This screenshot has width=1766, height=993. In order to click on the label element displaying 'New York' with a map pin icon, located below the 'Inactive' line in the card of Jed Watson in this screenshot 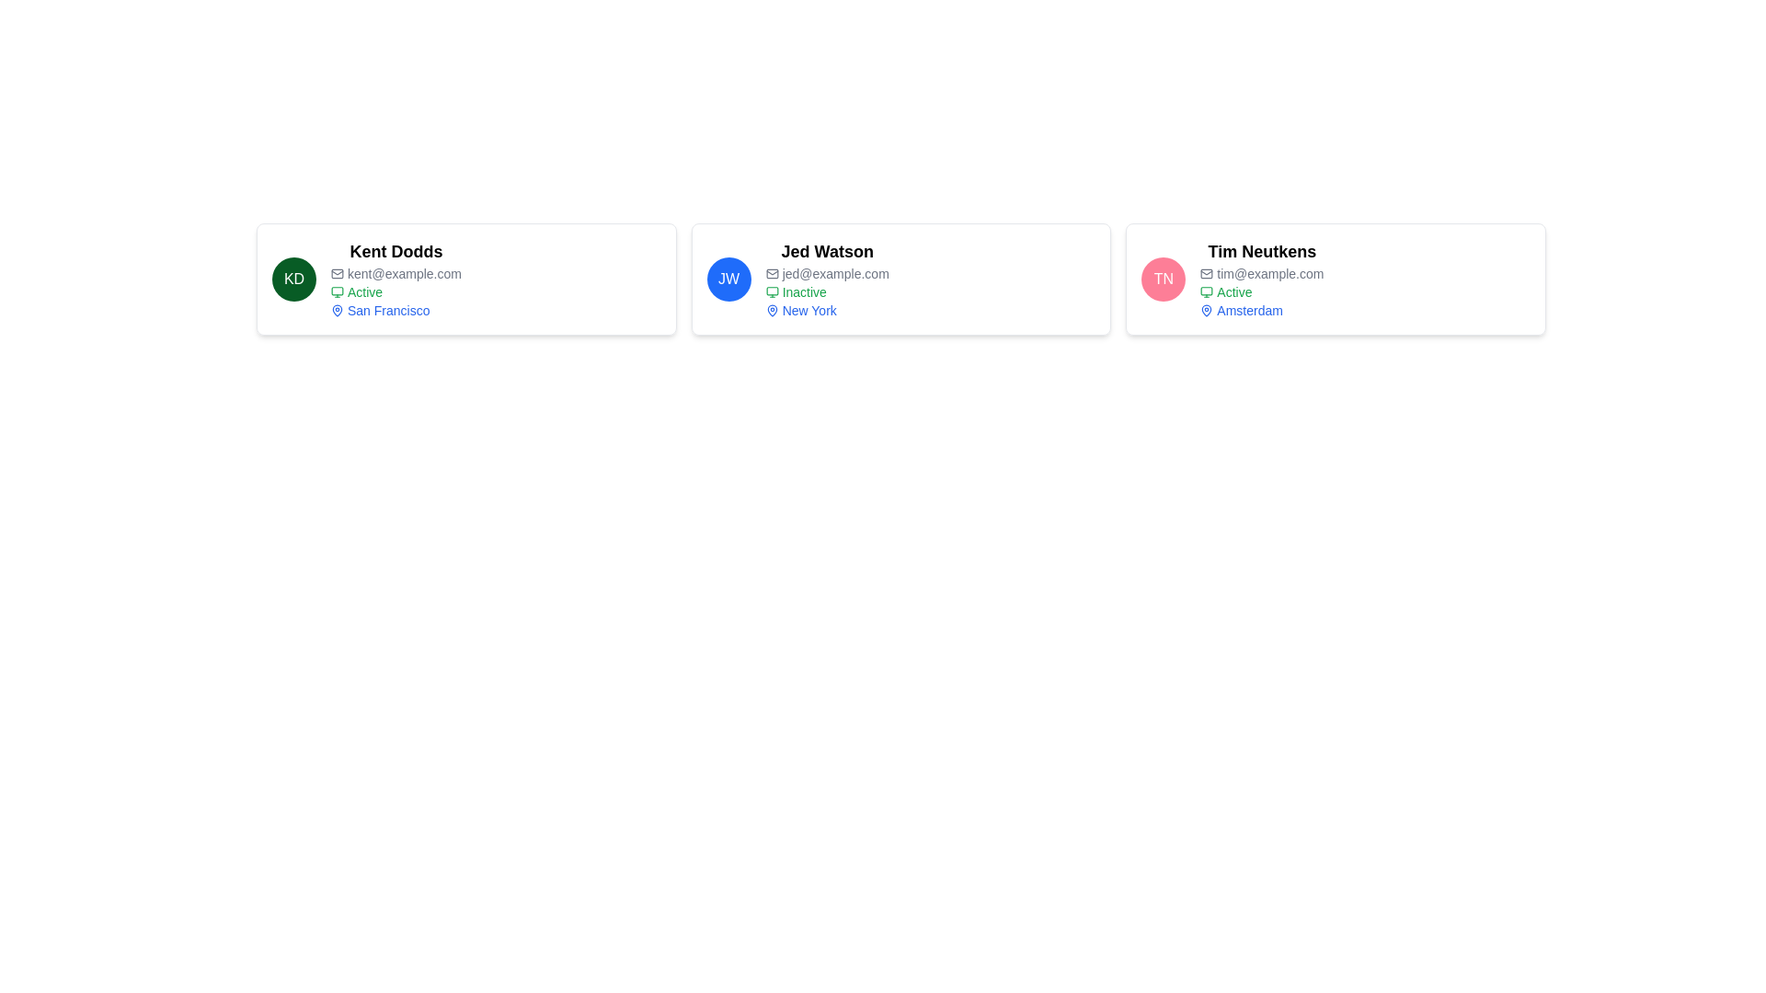, I will do `click(826, 310)`.